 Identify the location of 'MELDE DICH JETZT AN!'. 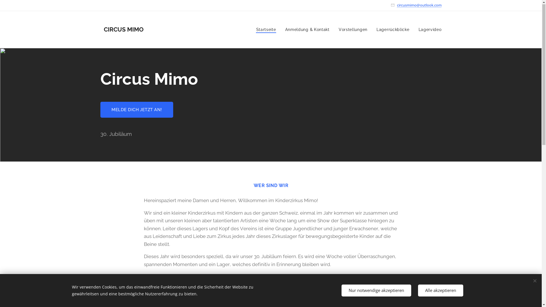
(136, 110).